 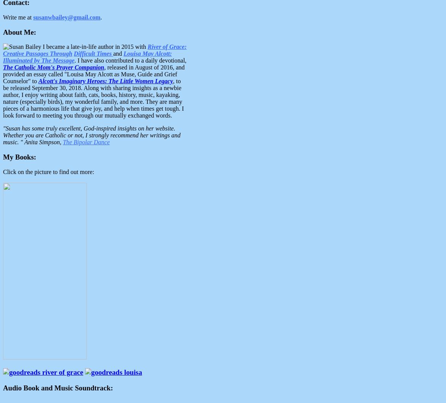 What do you see at coordinates (48, 171) in the screenshot?
I see `'Click on the picture to find out more:'` at bounding box center [48, 171].